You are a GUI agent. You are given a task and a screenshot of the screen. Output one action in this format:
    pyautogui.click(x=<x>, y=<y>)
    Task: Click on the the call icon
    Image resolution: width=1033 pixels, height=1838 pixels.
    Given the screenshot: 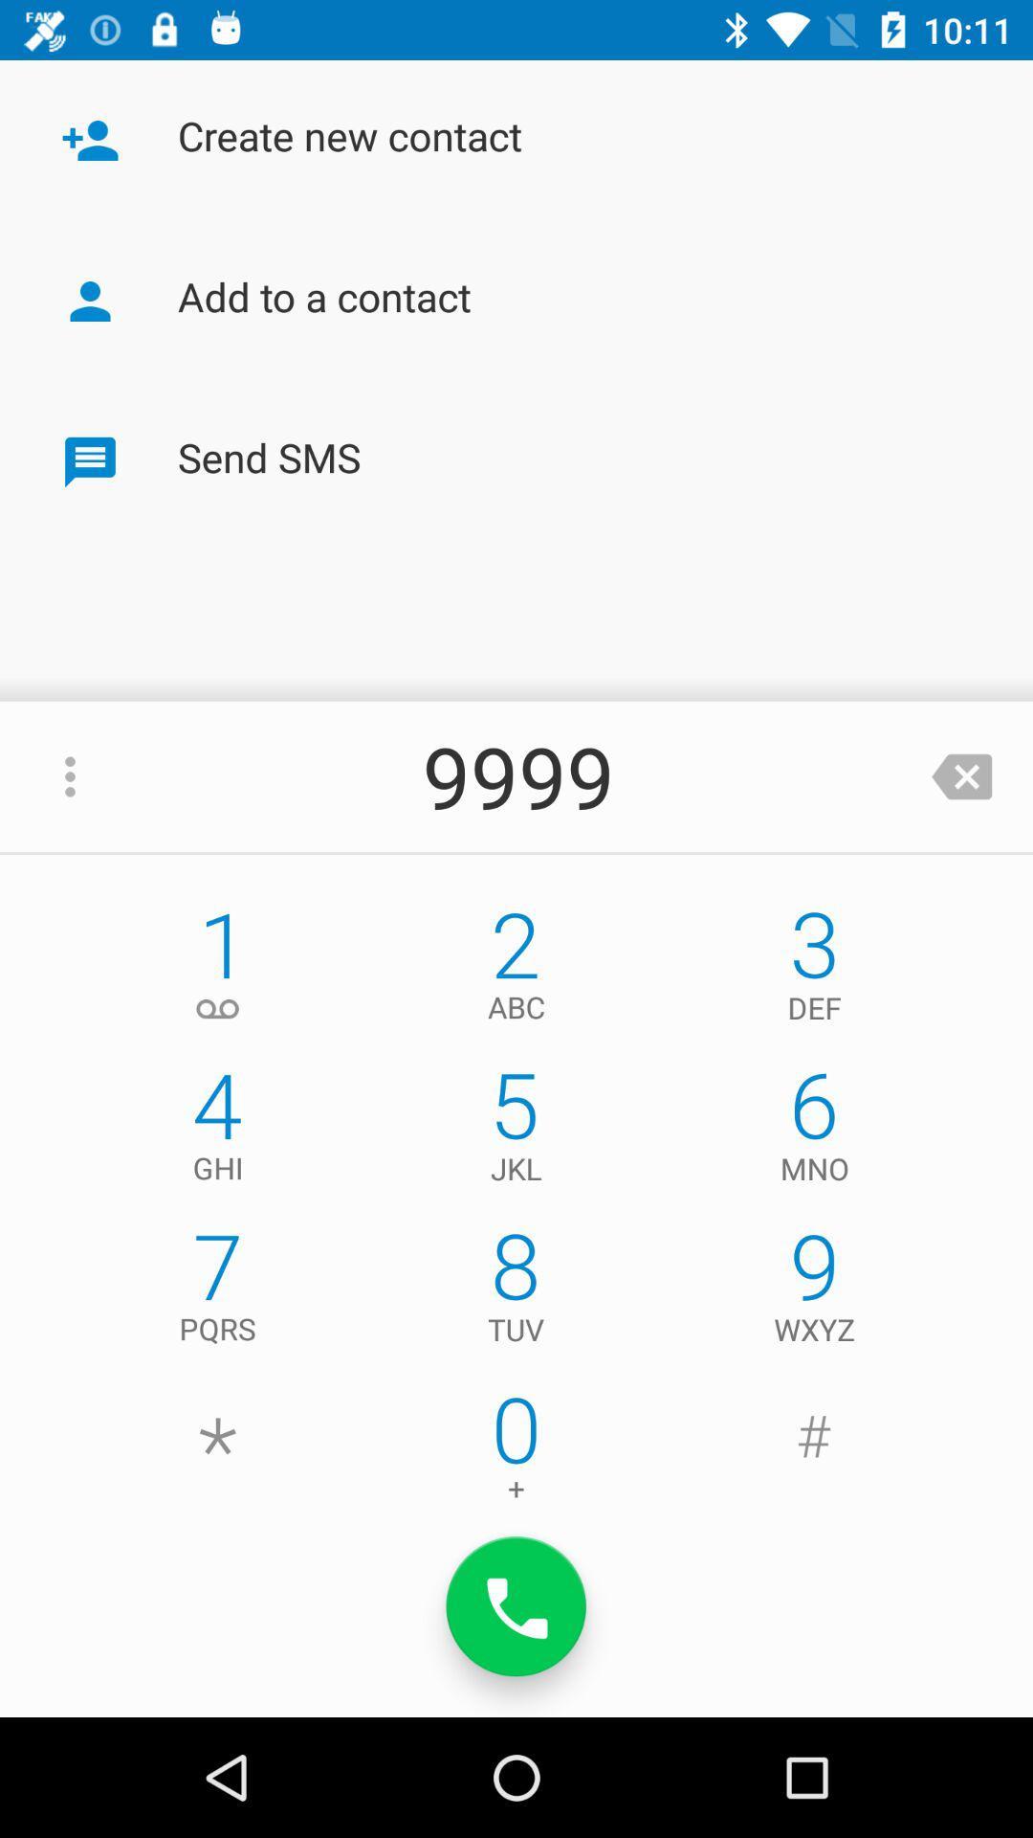 What is the action you would take?
    pyautogui.click(x=516, y=1606)
    